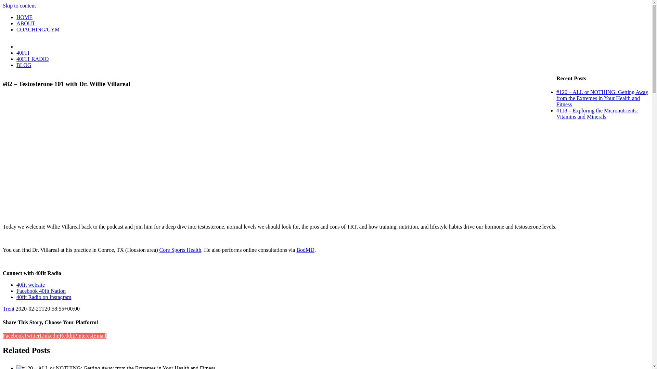 This screenshot has height=369, width=657. Describe the element at coordinates (37, 29) in the screenshot. I see `'COACHING/GYM'` at that location.